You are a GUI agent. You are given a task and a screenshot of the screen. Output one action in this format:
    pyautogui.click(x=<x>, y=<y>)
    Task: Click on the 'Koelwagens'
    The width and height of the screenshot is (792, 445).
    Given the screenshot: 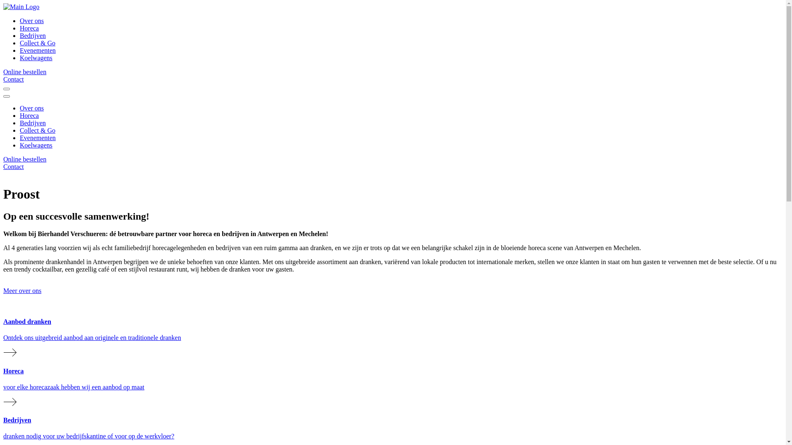 What is the action you would take?
    pyautogui.click(x=20, y=145)
    